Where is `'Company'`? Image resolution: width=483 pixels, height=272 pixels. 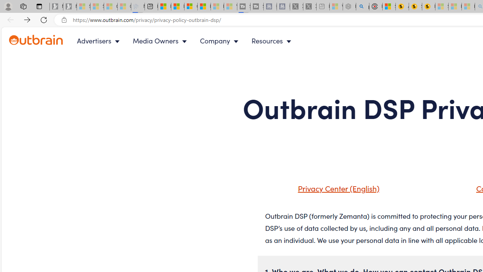 'Company' is located at coordinates (220, 41).